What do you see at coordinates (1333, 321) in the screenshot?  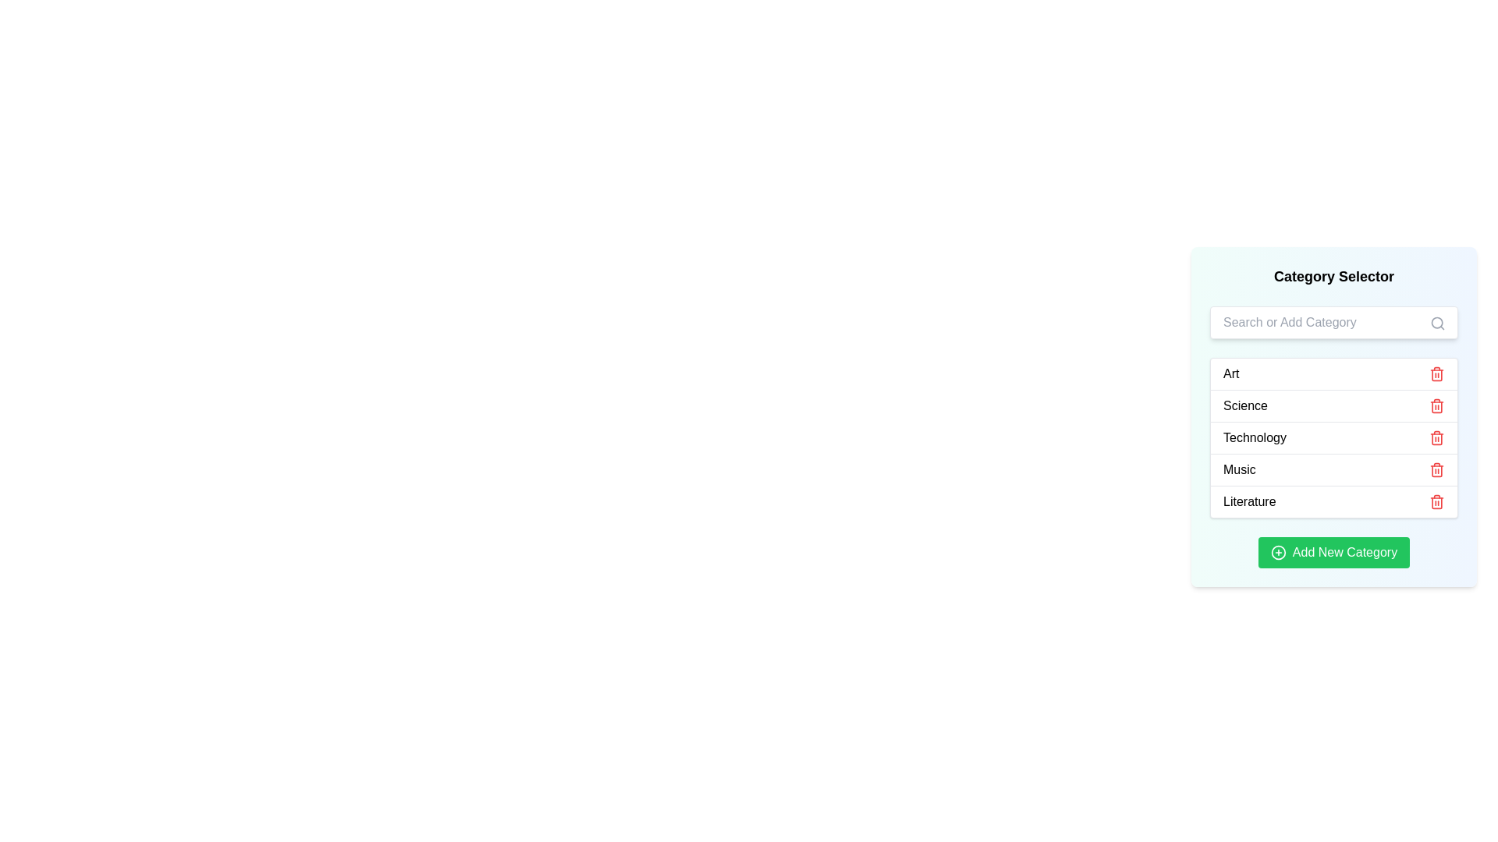 I see `the Text Input Box located under the 'Category Selector' title` at bounding box center [1333, 321].